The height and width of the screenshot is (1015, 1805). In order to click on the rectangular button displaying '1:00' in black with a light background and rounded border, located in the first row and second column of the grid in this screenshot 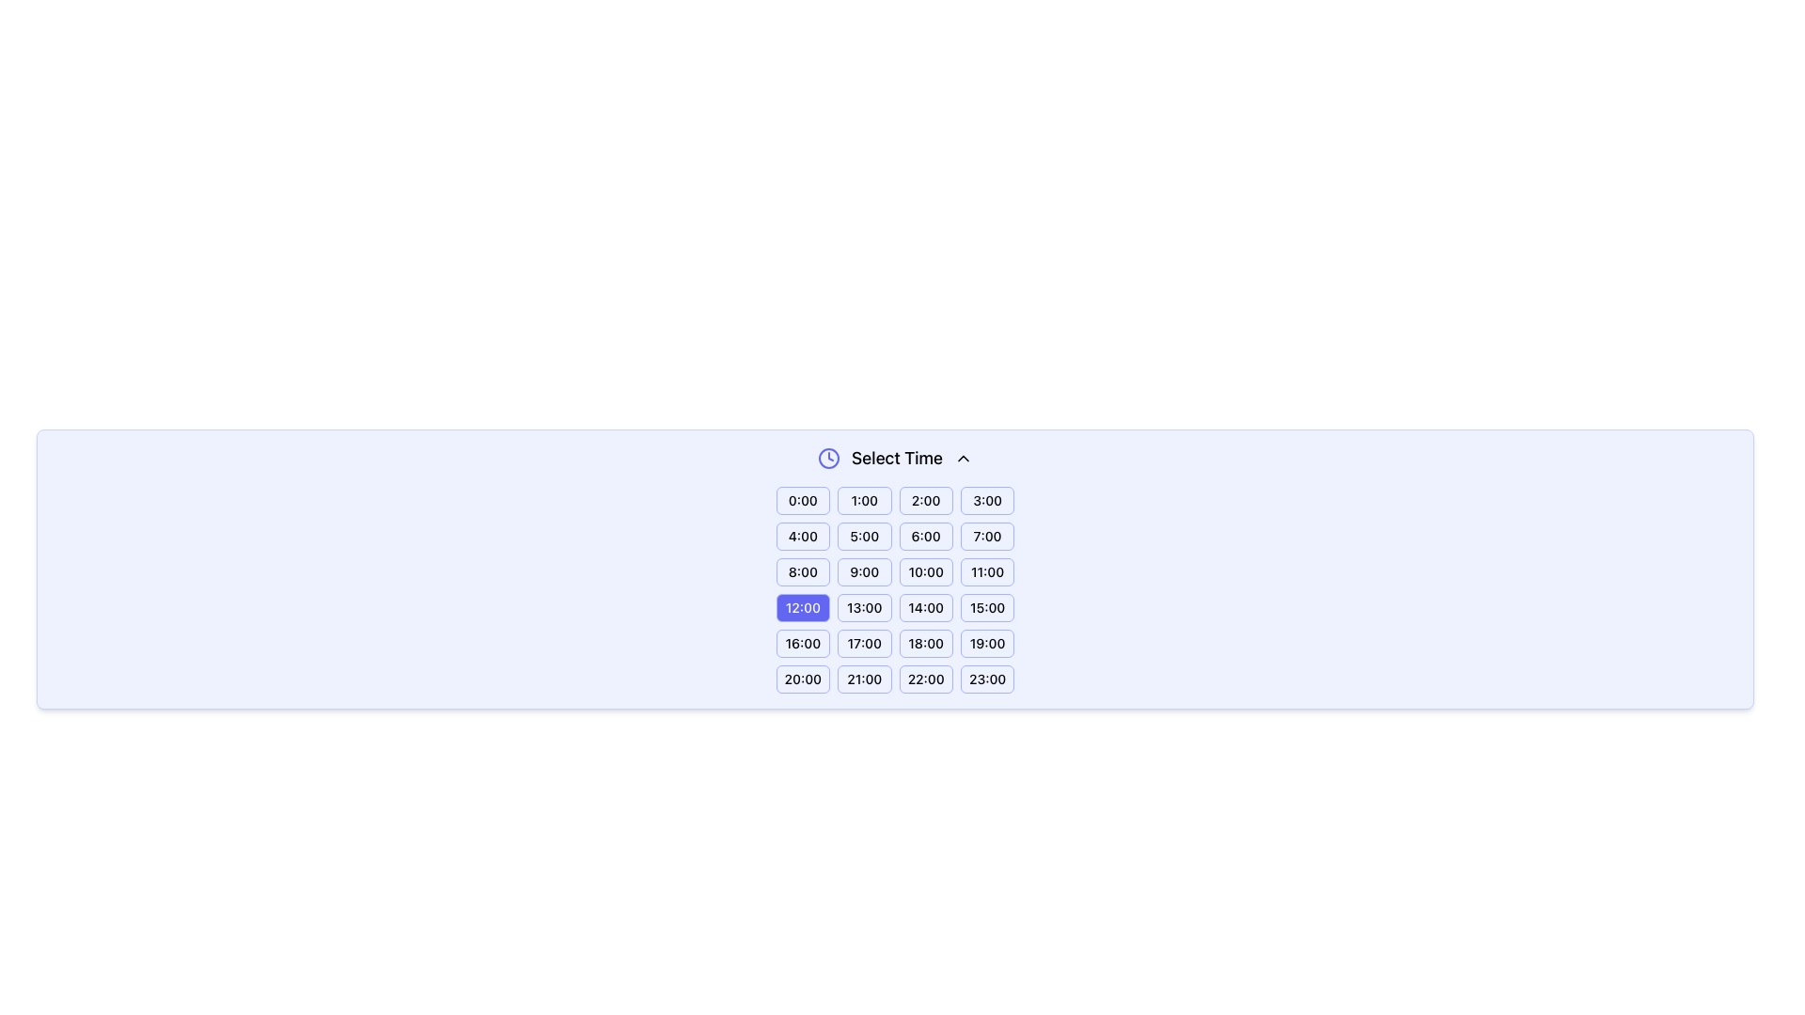, I will do `click(863, 499)`.